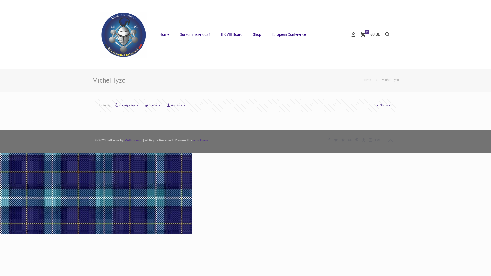 The height and width of the screenshot is (276, 491). I want to click on 'BK VIII Board', so click(232, 34).